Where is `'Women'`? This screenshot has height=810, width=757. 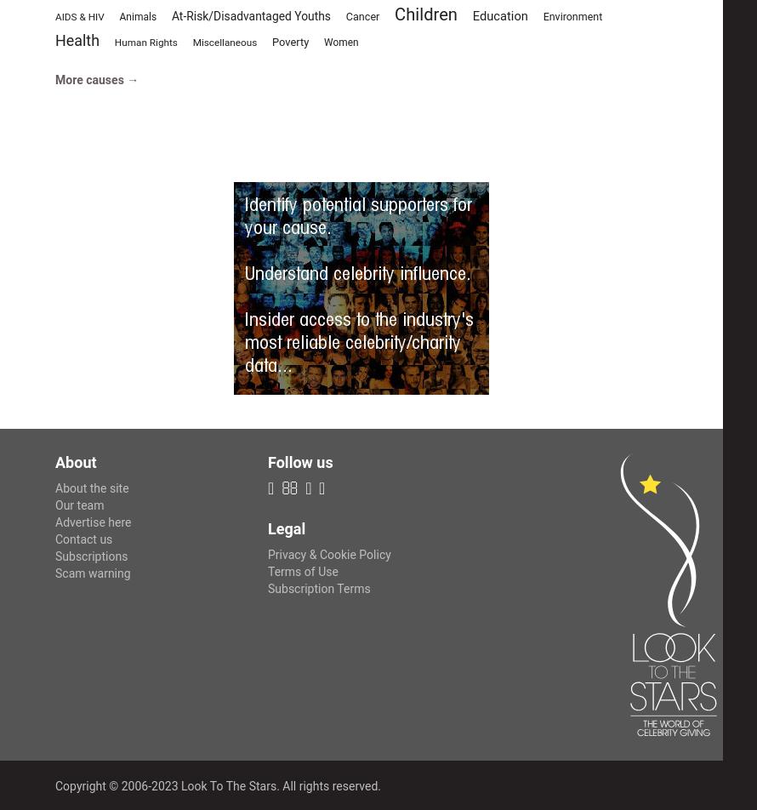 'Women' is located at coordinates (340, 42).